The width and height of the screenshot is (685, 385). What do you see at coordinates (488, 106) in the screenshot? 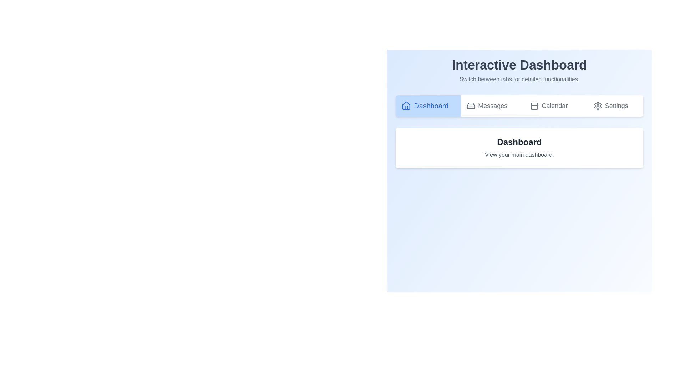
I see `the 'Messages' tab in the navigation bar to change its color from gray to blue` at bounding box center [488, 106].